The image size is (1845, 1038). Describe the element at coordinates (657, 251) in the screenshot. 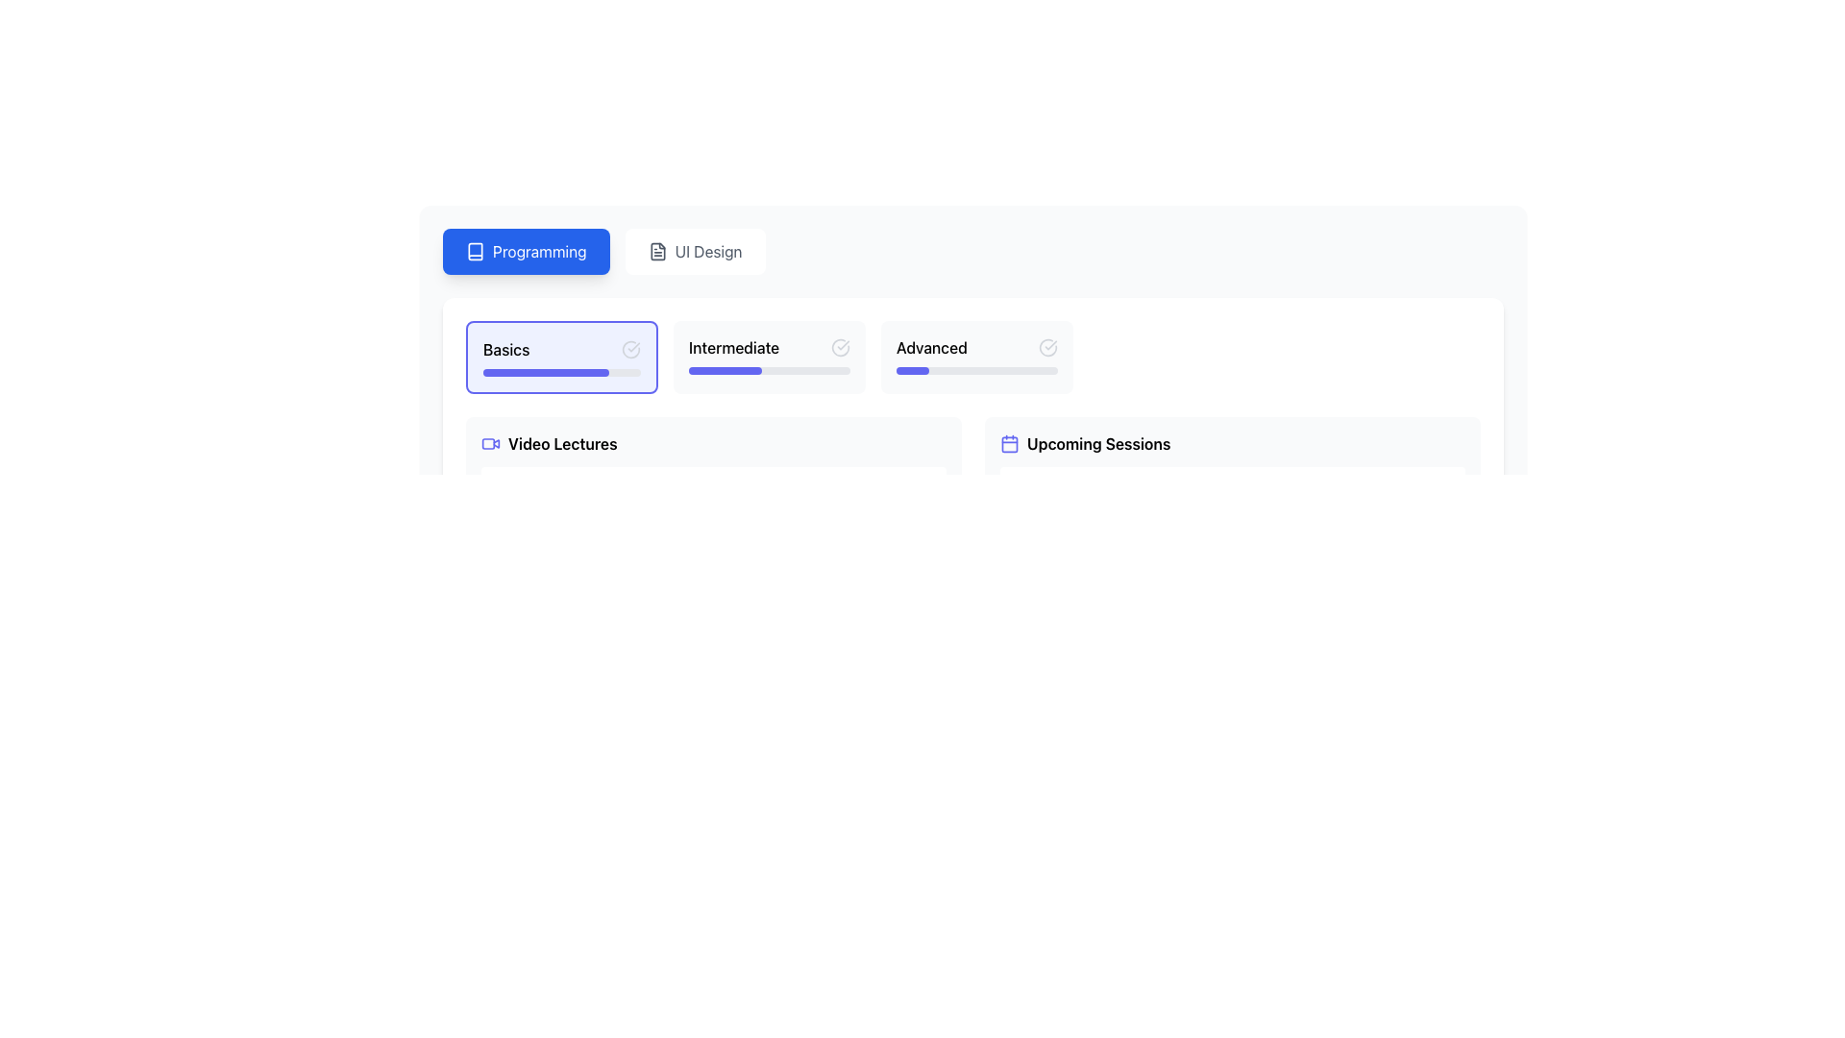

I see `the document or file icon located in the top-right section of the interface, adjacent to the 'UI Design' button` at that location.